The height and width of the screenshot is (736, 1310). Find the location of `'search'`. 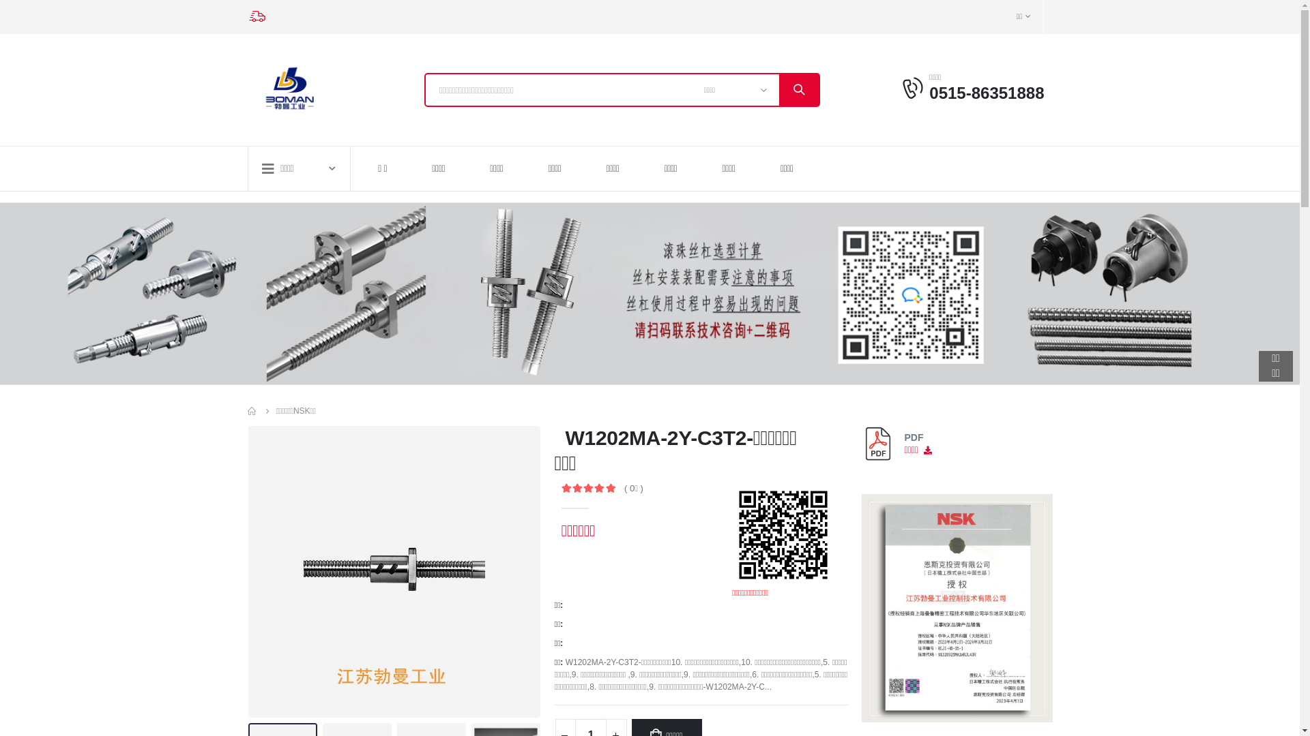

'search' is located at coordinates (799, 89).